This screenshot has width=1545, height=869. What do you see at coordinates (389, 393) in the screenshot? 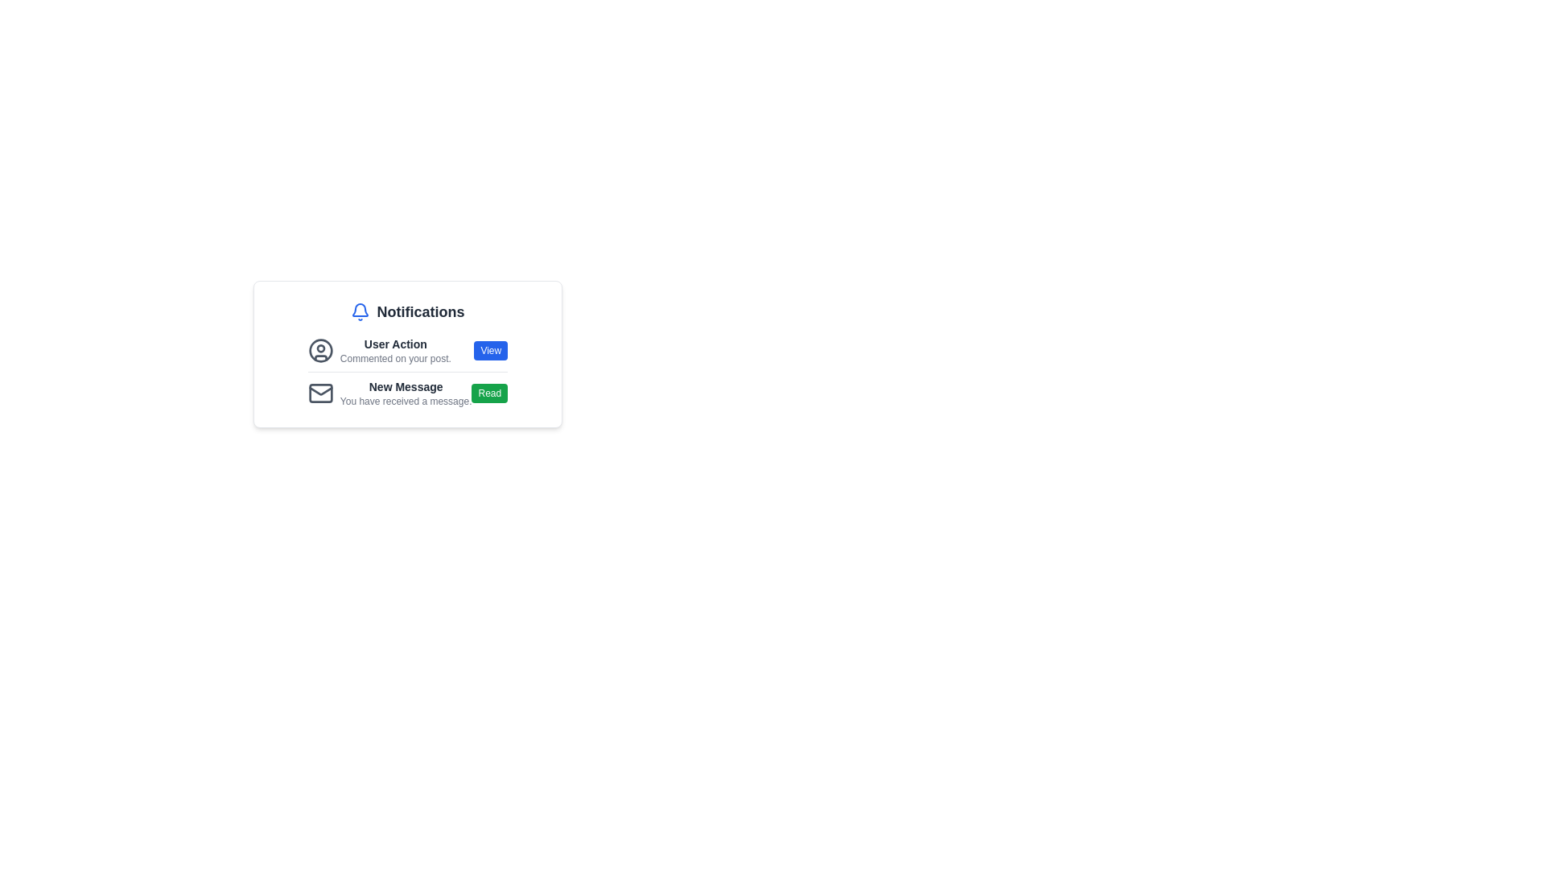
I see `the notification item titled 'New Message' which includes a subtitle stating 'You have received a message.' This notification is the second item in the notification panel, located below 'User Action.'` at bounding box center [389, 393].